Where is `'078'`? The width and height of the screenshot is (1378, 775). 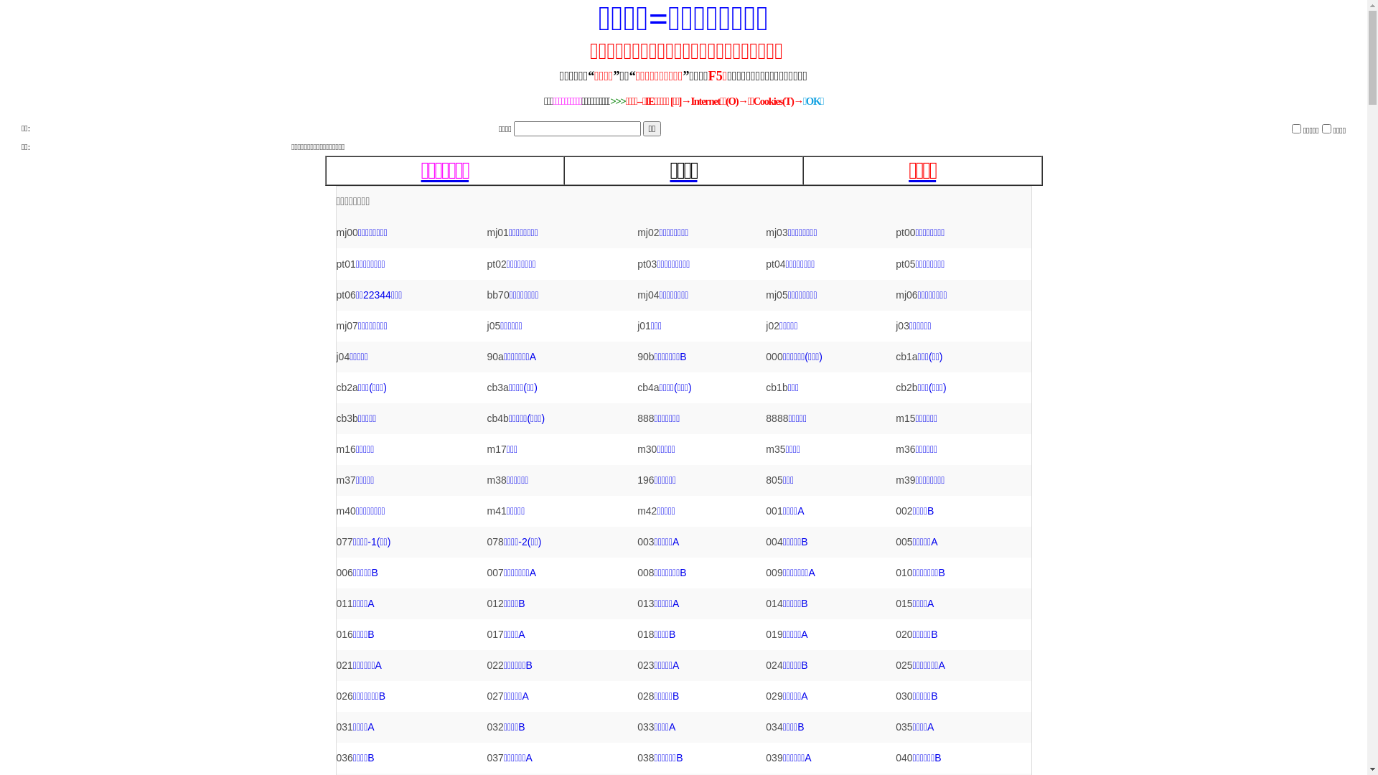 '078' is located at coordinates (495, 542).